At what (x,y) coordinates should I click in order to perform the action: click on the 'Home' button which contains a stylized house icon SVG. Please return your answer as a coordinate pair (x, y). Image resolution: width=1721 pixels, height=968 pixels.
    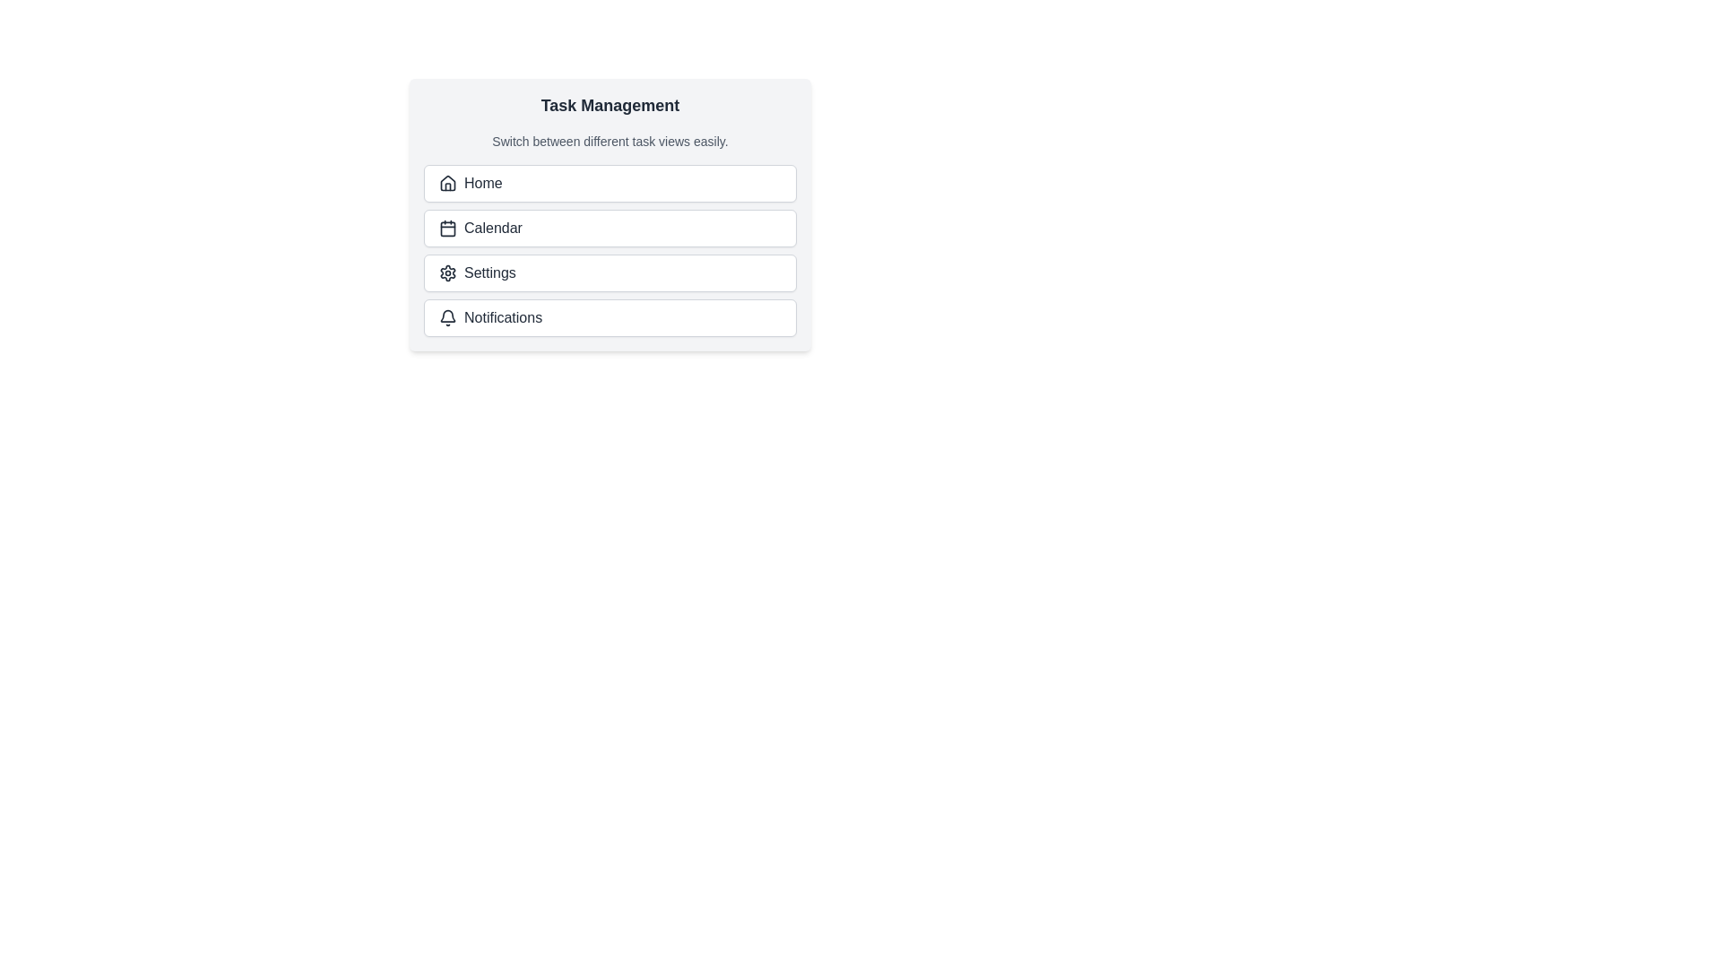
    Looking at the image, I should click on (447, 183).